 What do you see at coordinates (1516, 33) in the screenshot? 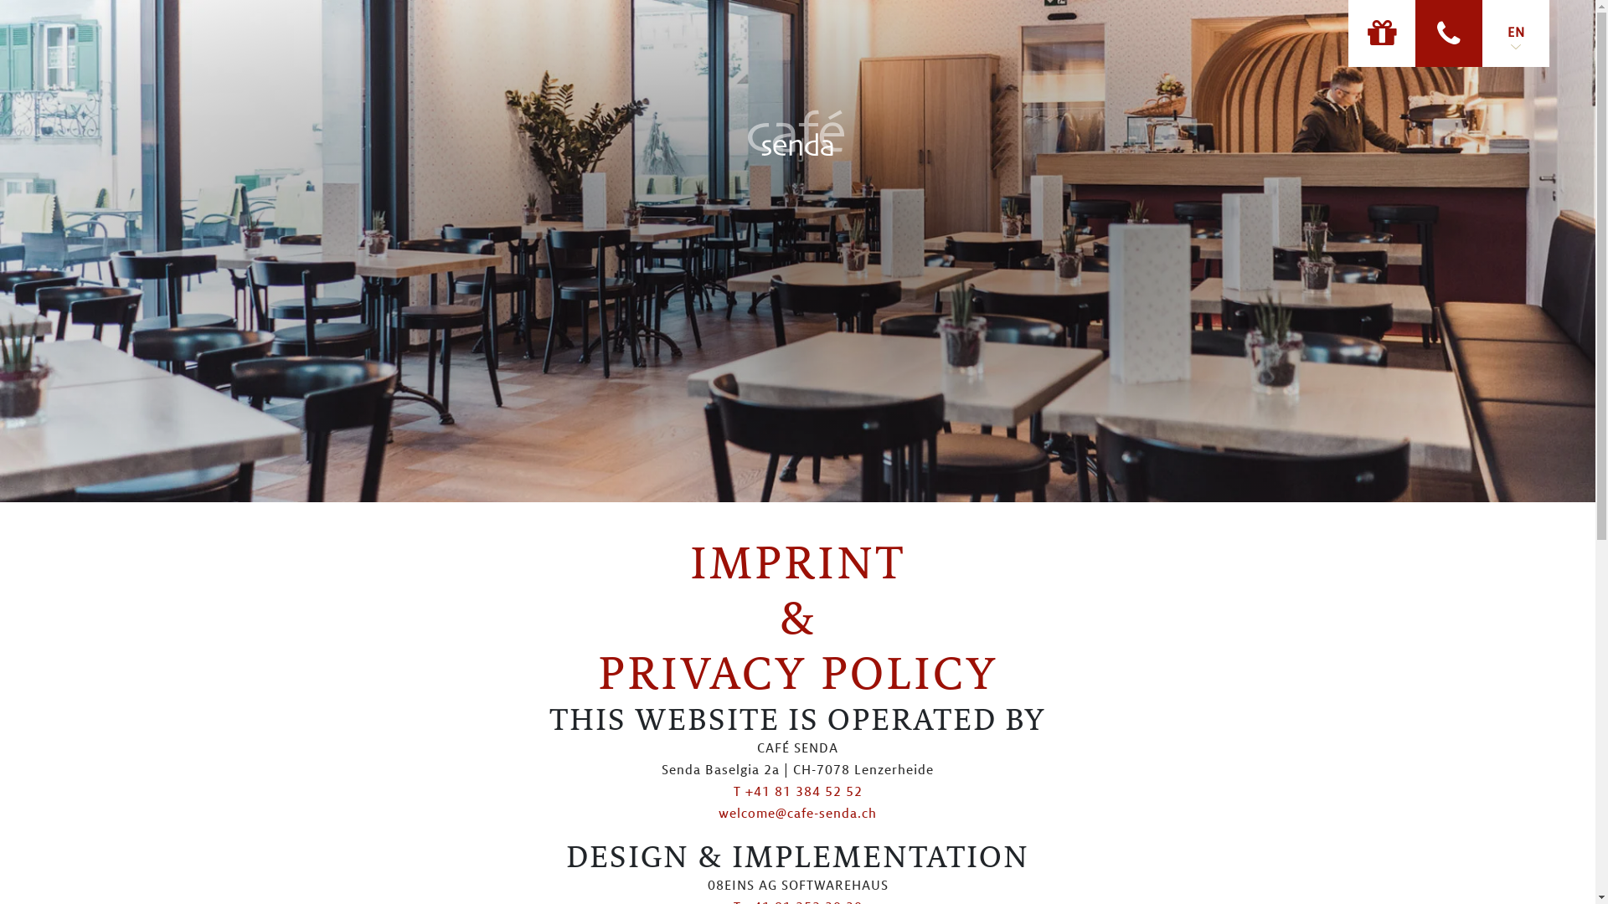
I see `'EN'` at bounding box center [1516, 33].